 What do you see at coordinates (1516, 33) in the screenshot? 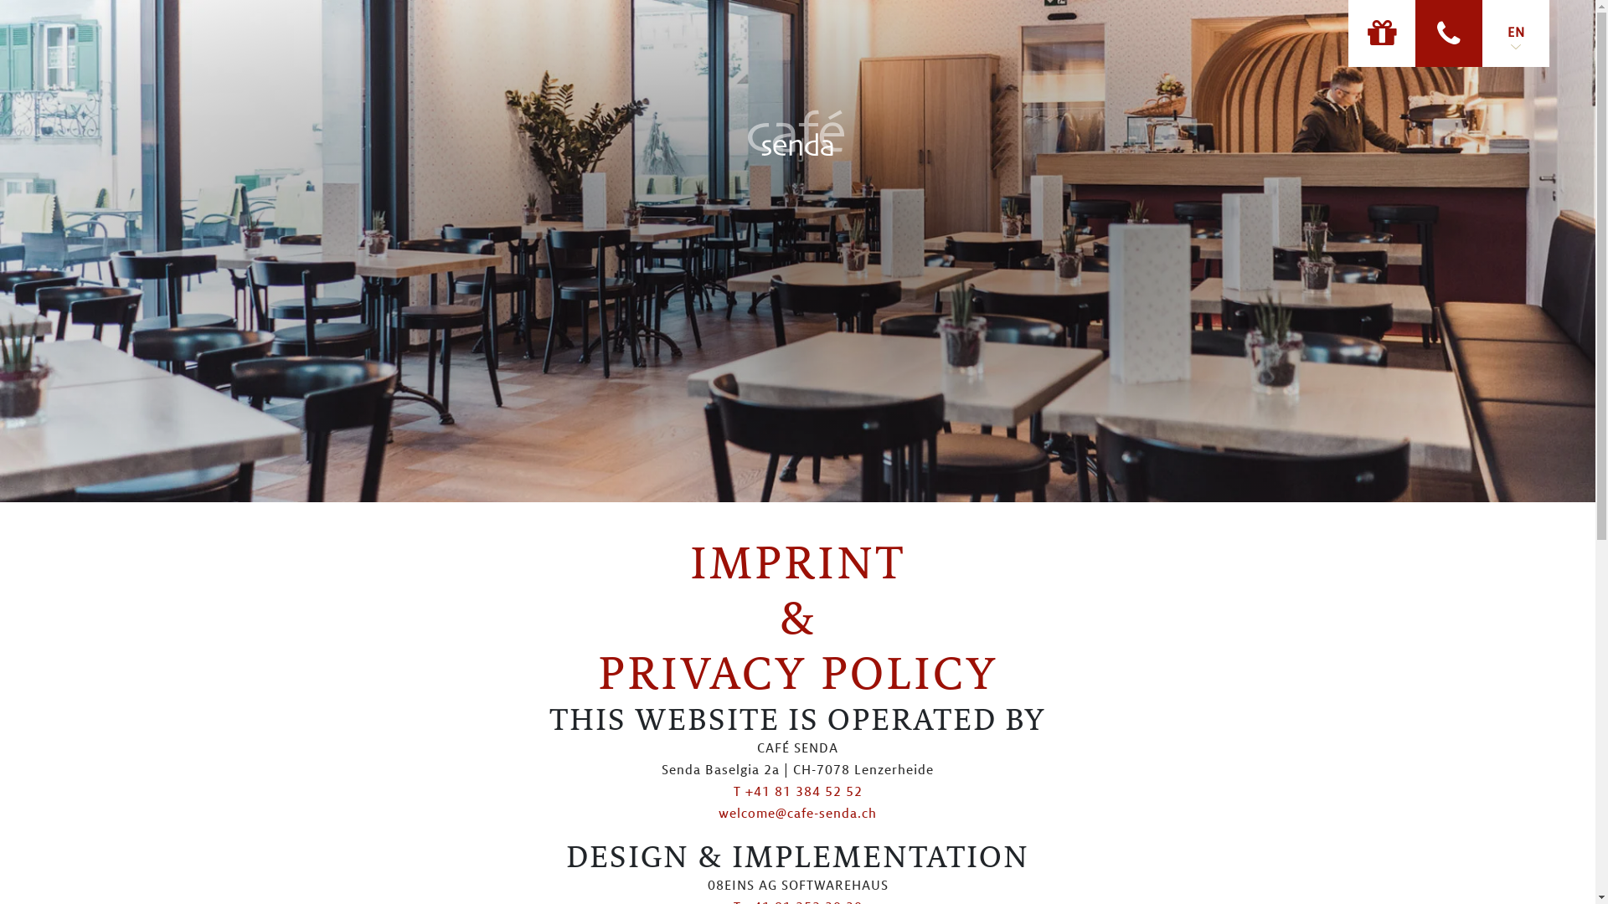
I see `'EN'` at bounding box center [1516, 33].